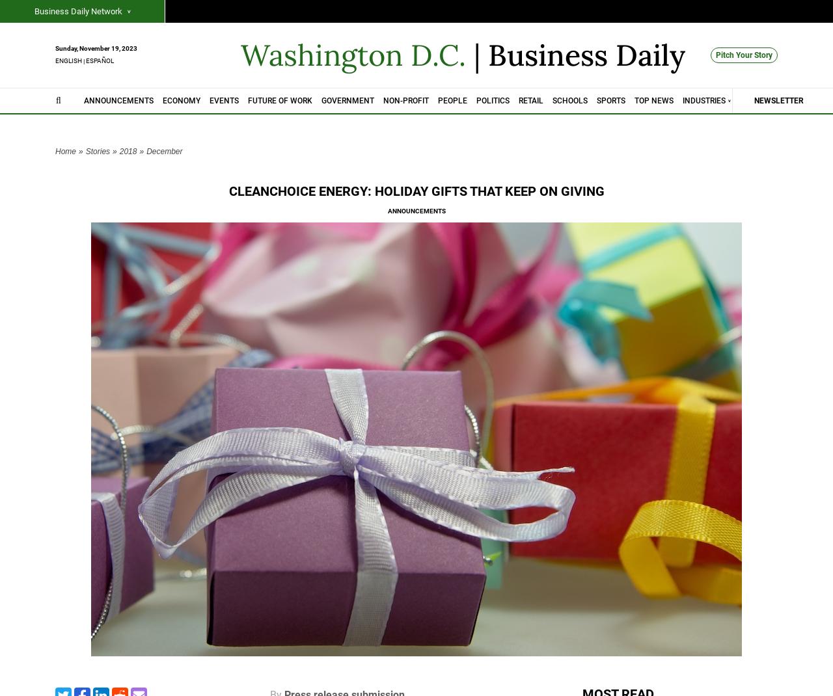  I want to click on 'POLITICS', so click(491, 100).